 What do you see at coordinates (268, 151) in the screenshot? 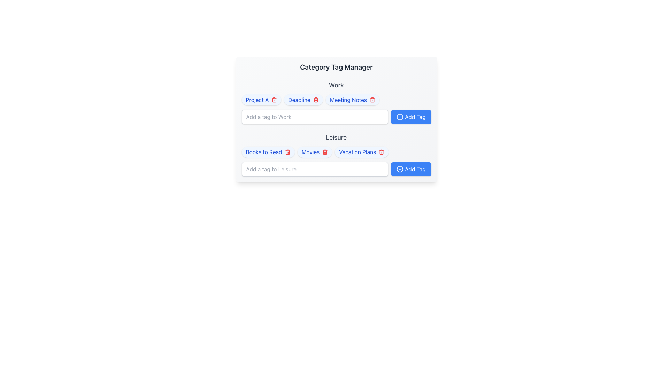
I see `the trash icon on the badge element used for tagging or categorization located in the 'Leisure' category` at bounding box center [268, 151].